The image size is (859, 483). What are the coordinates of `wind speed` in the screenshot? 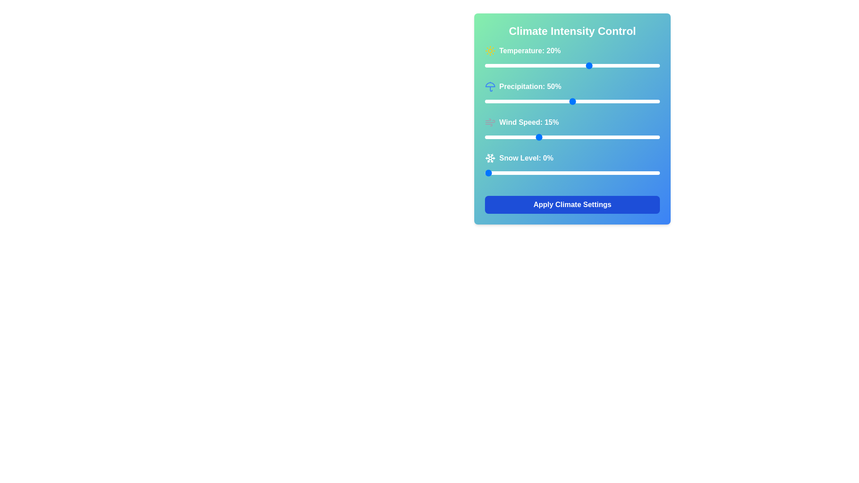 It's located at (513, 137).